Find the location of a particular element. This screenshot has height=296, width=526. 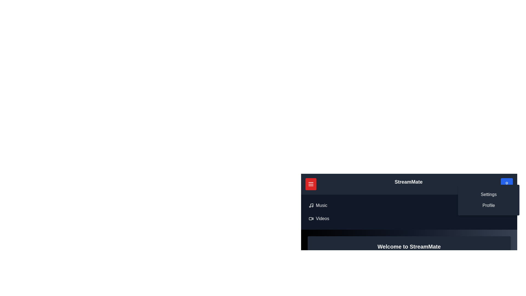

the header text 'StreamMate' located in the top center of the navigation bar is located at coordinates (408, 184).